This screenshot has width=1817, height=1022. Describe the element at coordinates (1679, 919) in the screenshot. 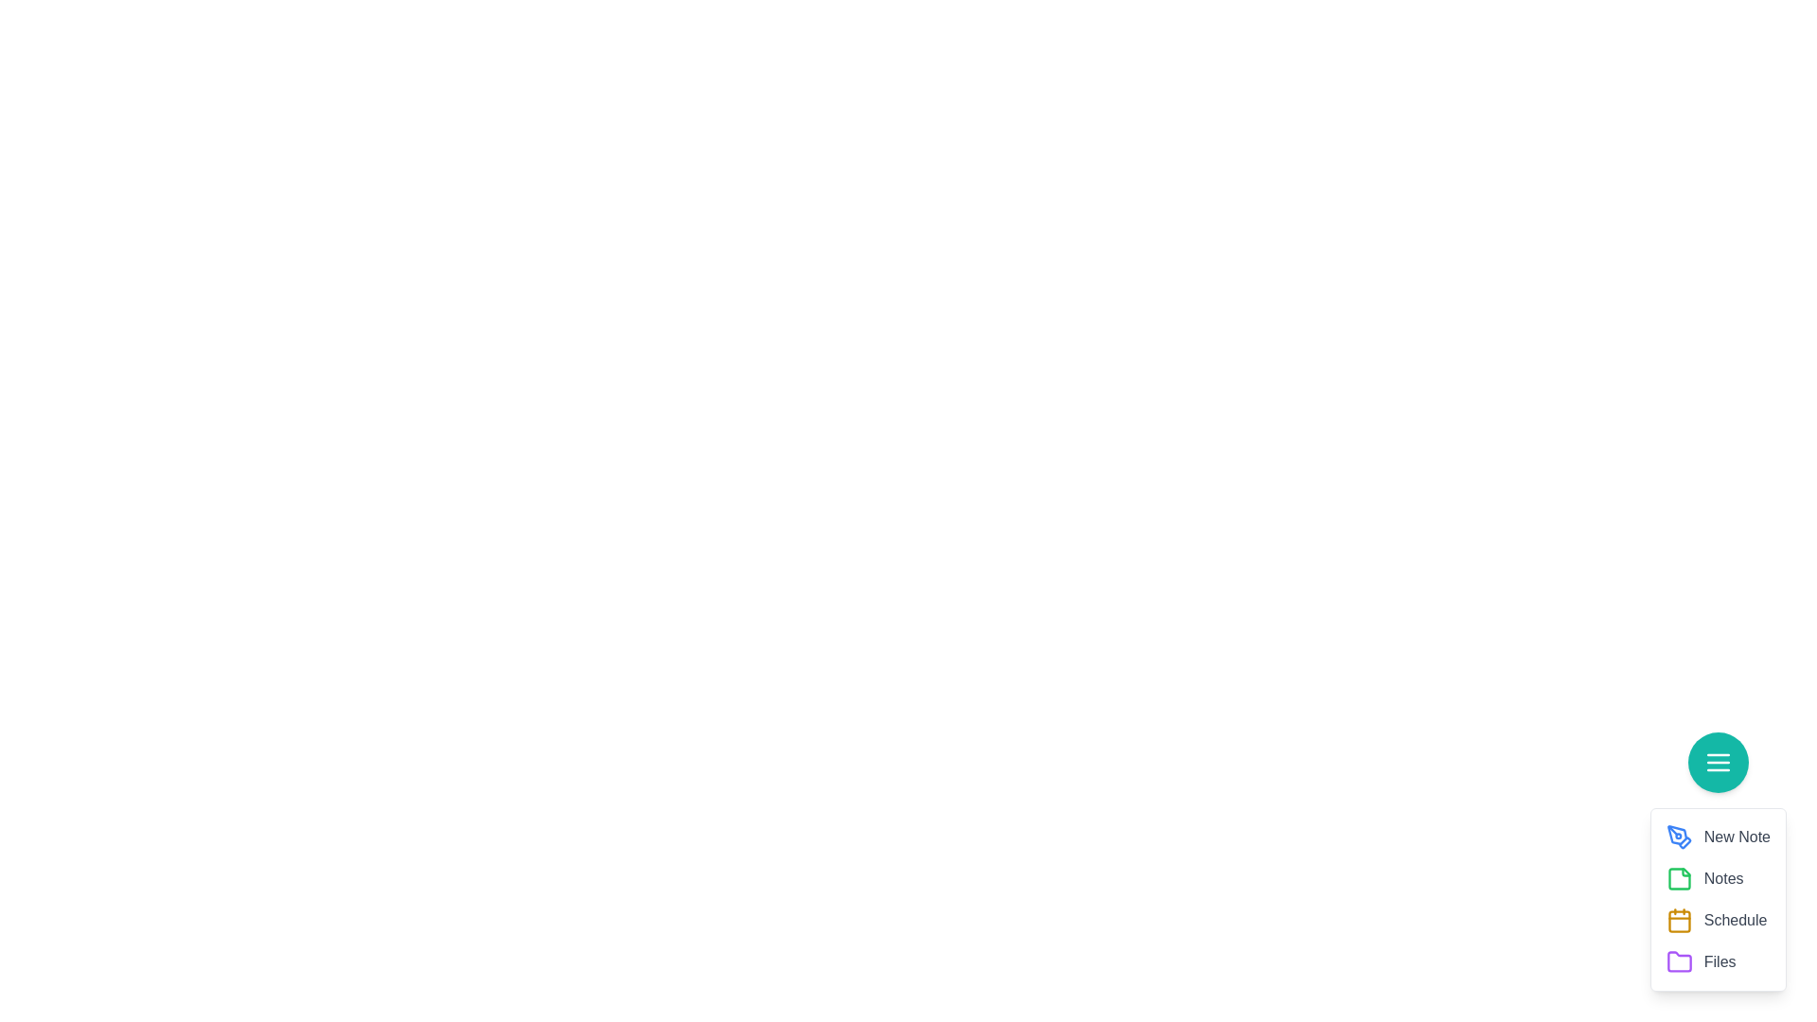

I see `the Schedule from the speed dial menu` at that location.